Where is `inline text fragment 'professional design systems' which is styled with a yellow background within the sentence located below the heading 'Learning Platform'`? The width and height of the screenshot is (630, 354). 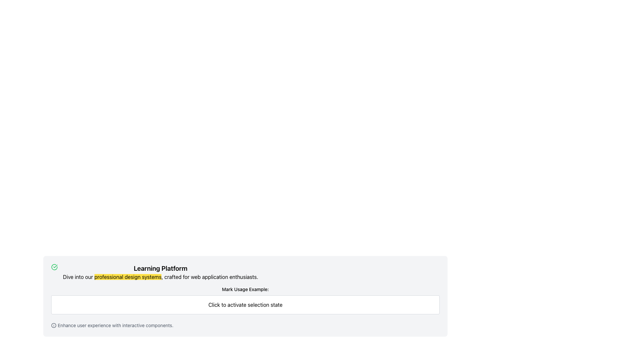 inline text fragment 'professional design systems' which is styled with a yellow background within the sentence located below the heading 'Learning Platform' is located at coordinates (128, 277).